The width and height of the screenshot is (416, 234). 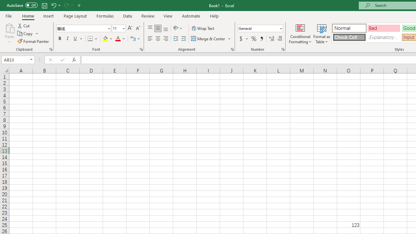 I want to click on 'Decrease Indent', so click(x=175, y=39).